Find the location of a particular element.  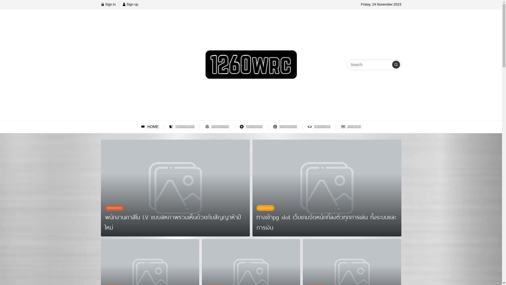

'Sign up' is located at coordinates (122, 4).